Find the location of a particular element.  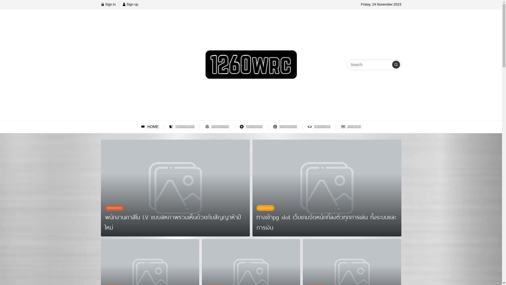

'Sign up' is located at coordinates (122, 4).